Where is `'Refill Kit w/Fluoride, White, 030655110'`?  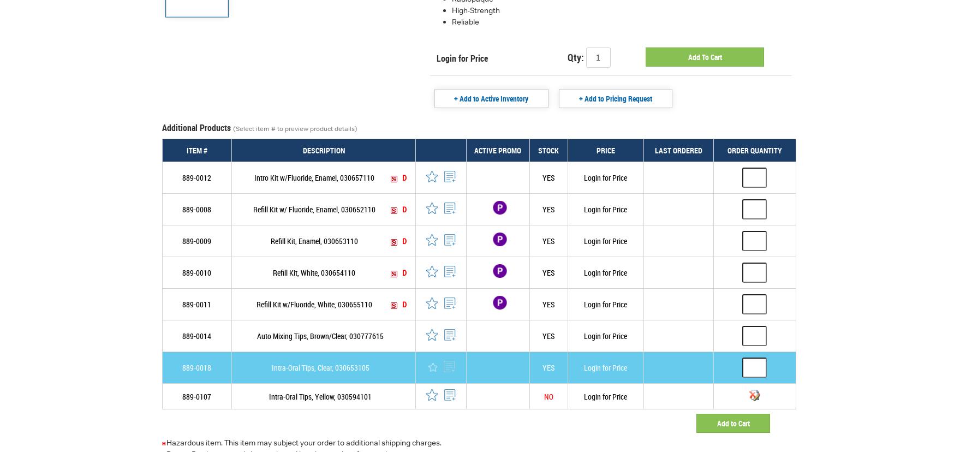 'Refill Kit w/Fluoride, White, 030655110' is located at coordinates (314, 304).